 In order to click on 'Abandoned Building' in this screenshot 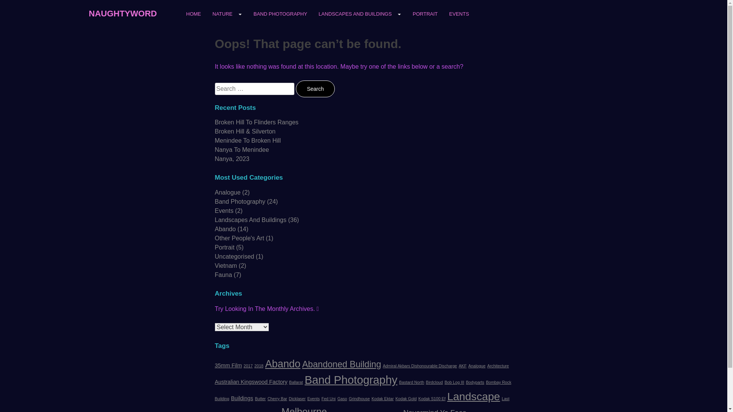, I will do `click(341, 364)`.